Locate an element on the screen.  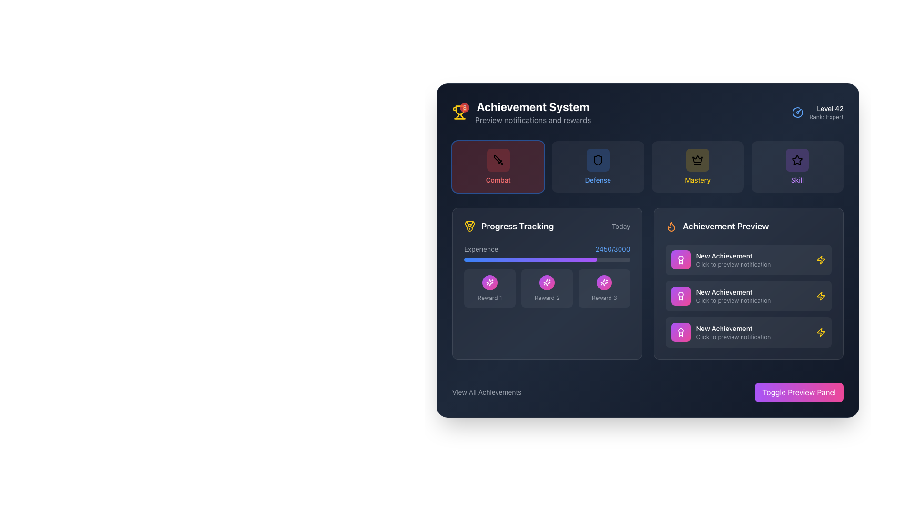
the 'New Achievement' notification displayed in the 'Achievement Preview' section, which is the lowest text block among three entries is located at coordinates (752, 332).